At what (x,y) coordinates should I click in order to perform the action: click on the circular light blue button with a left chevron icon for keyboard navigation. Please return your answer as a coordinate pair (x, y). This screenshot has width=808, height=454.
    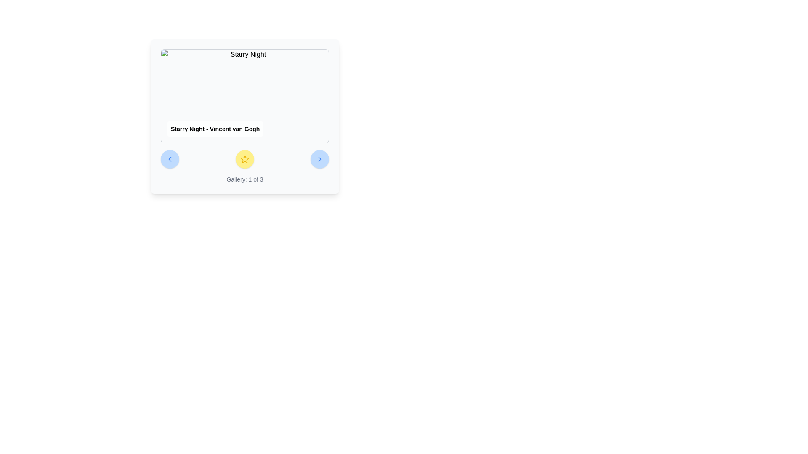
    Looking at the image, I should click on (169, 159).